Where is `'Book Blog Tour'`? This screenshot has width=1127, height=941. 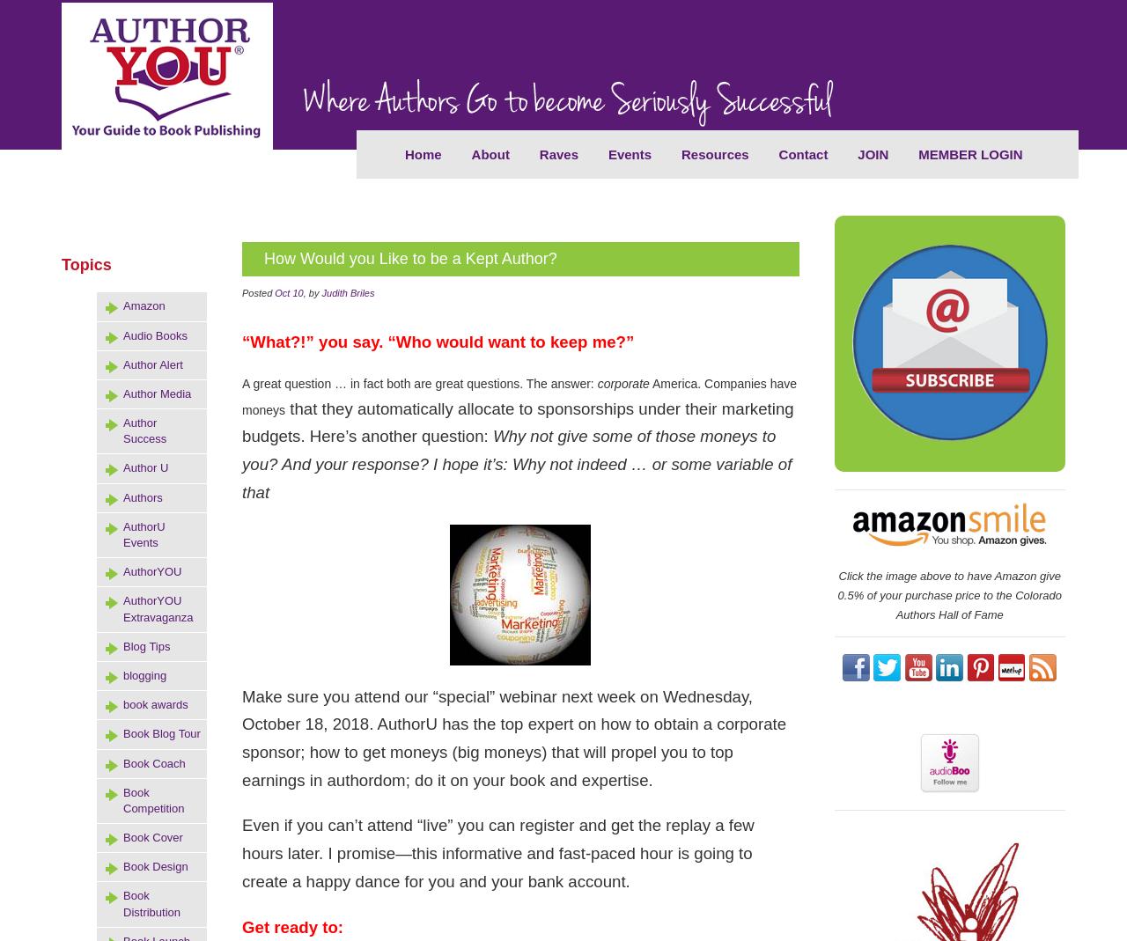
'Book Blog Tour' is located at coordinates (161, 733).